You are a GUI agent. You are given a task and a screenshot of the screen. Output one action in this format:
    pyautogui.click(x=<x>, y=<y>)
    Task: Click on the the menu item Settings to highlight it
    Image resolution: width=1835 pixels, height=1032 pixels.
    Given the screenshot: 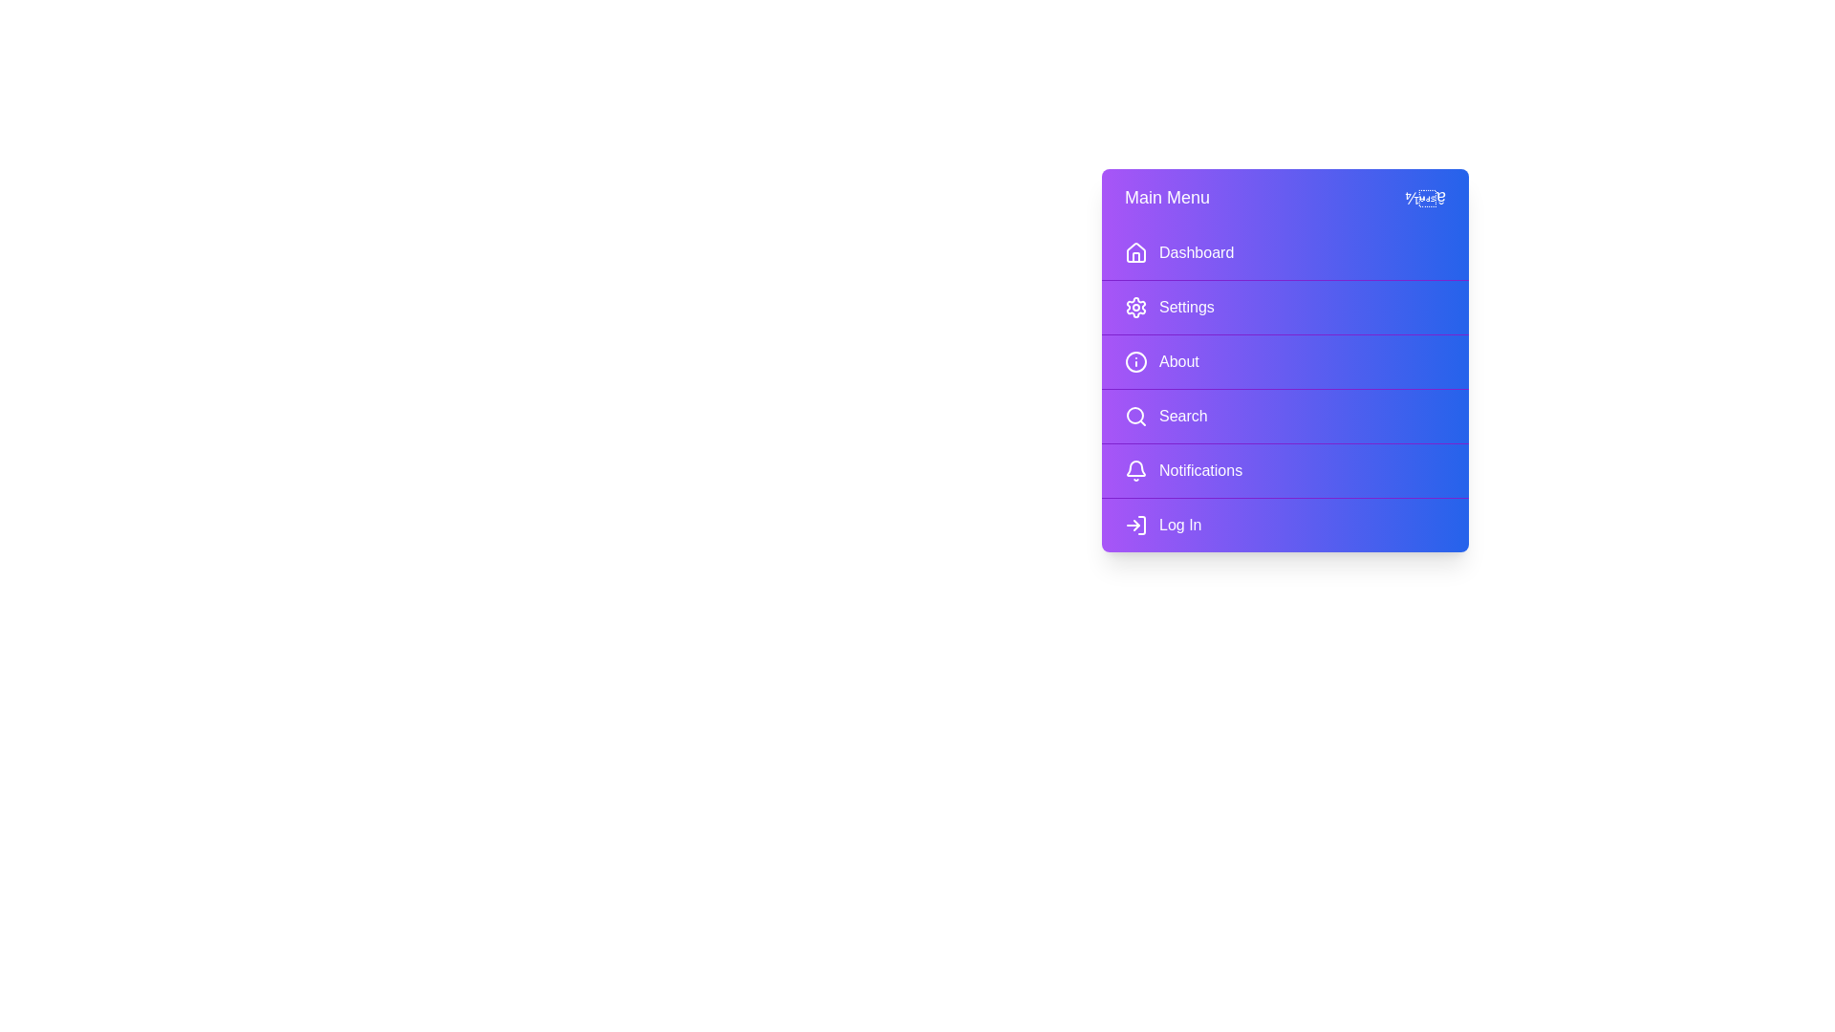 What is the action you would take?
    pyautogui.click(x=1284, y=306)
    